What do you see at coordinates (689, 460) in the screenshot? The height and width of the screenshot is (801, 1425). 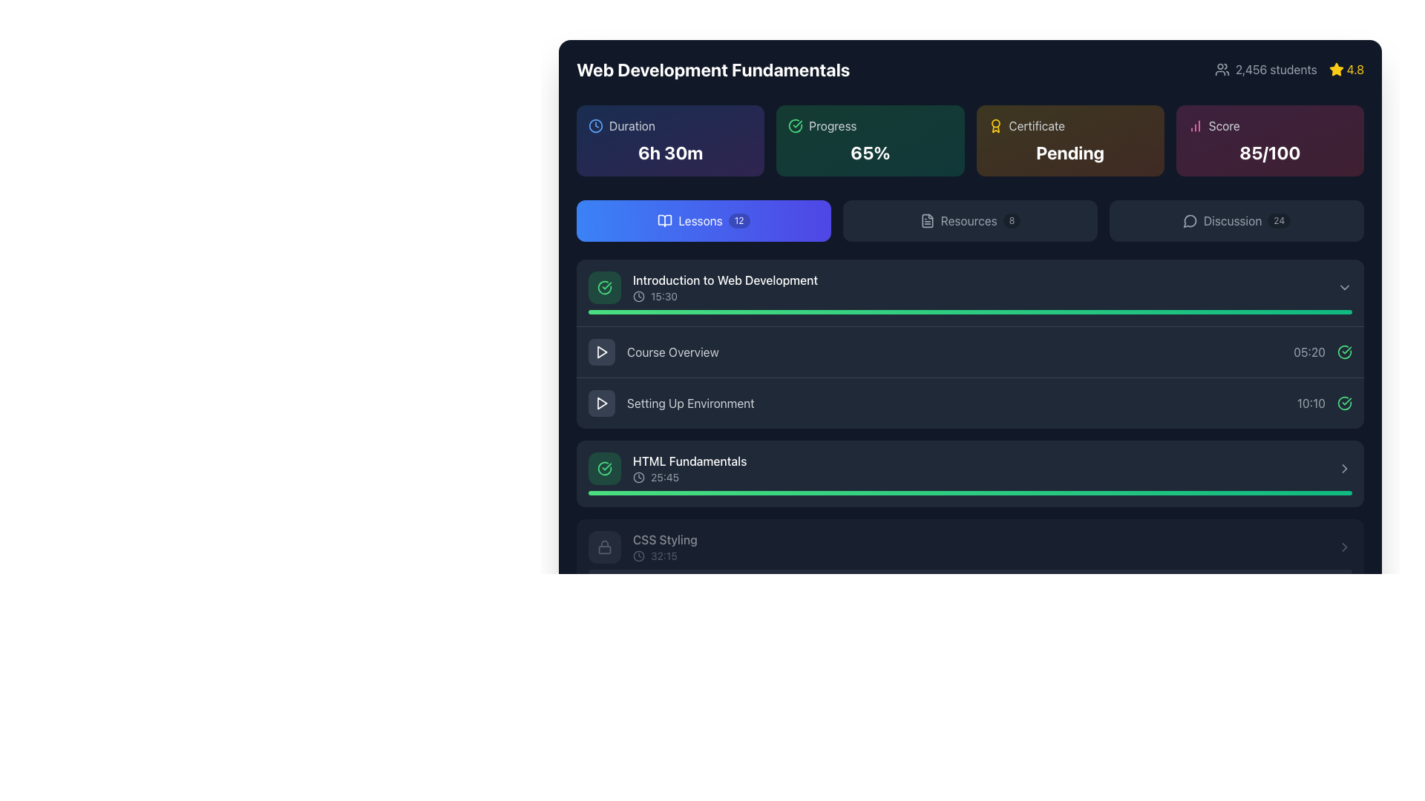 I see `the lesson title text label, which is the fourth item in the lesson list, positioned between 'Setting Up Environment' and 'CSS Styling'` at bounding box center [689, 460].